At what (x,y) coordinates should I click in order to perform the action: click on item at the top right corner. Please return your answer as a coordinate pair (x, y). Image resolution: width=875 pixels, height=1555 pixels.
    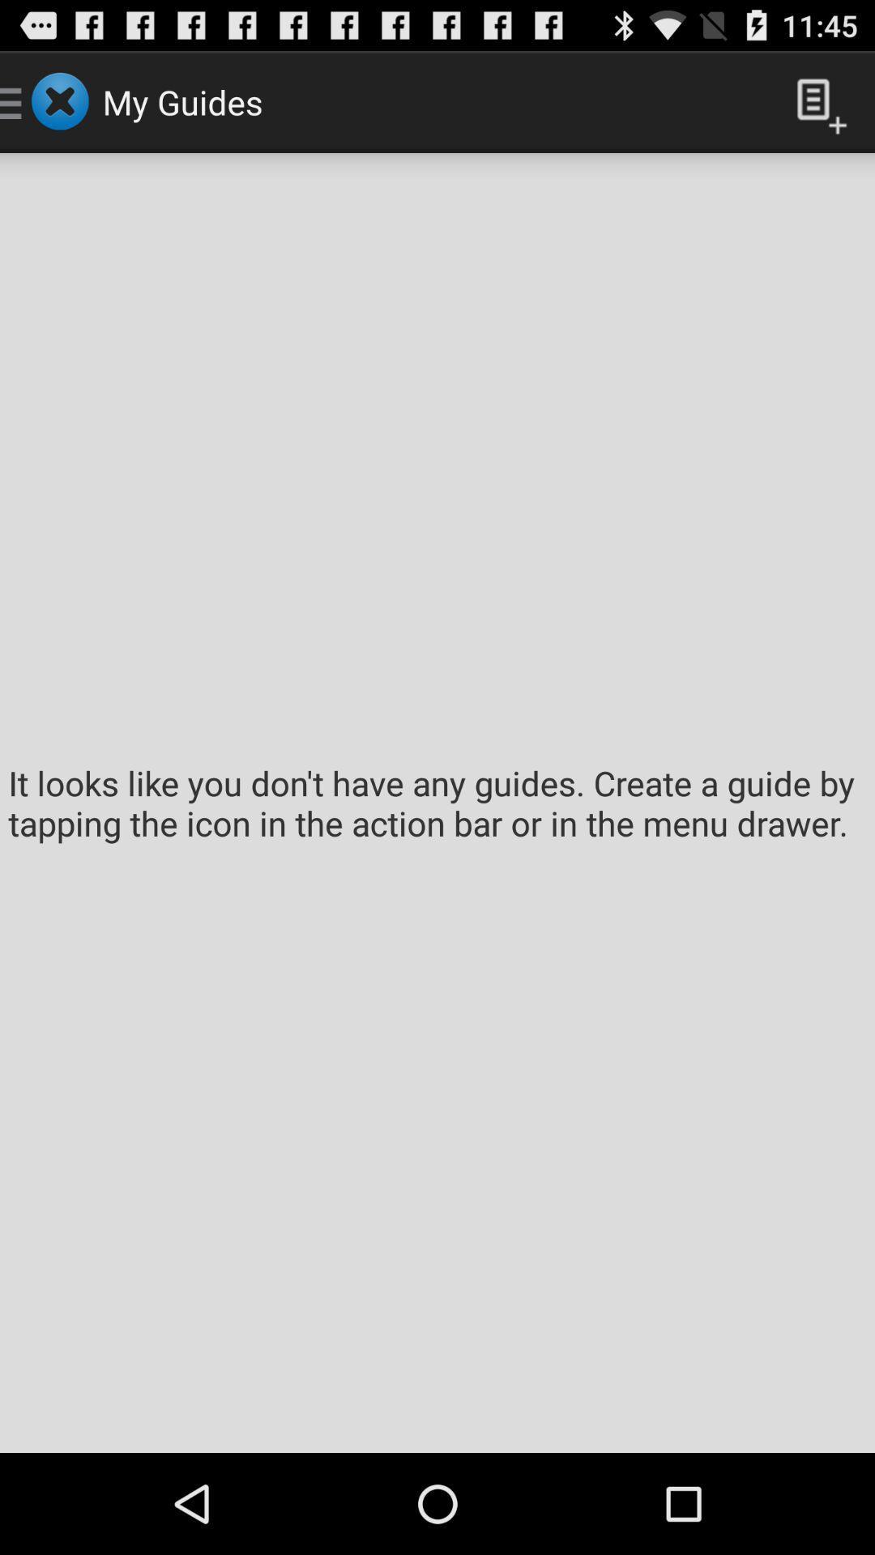
    Looking at the image, I should click on (815, 100).